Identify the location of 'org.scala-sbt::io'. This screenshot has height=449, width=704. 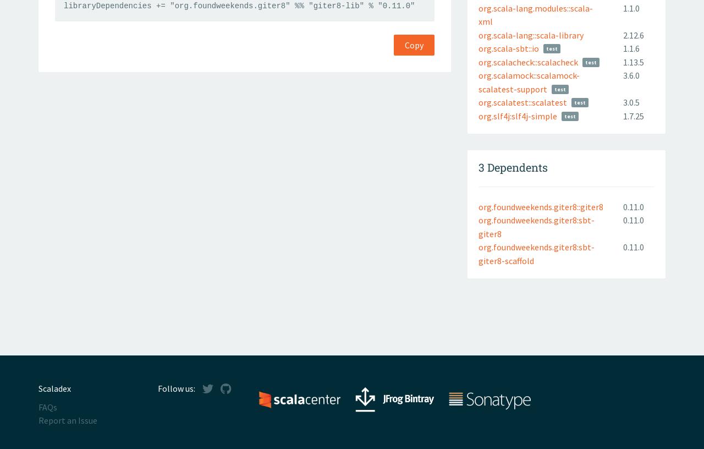
(508, 47).